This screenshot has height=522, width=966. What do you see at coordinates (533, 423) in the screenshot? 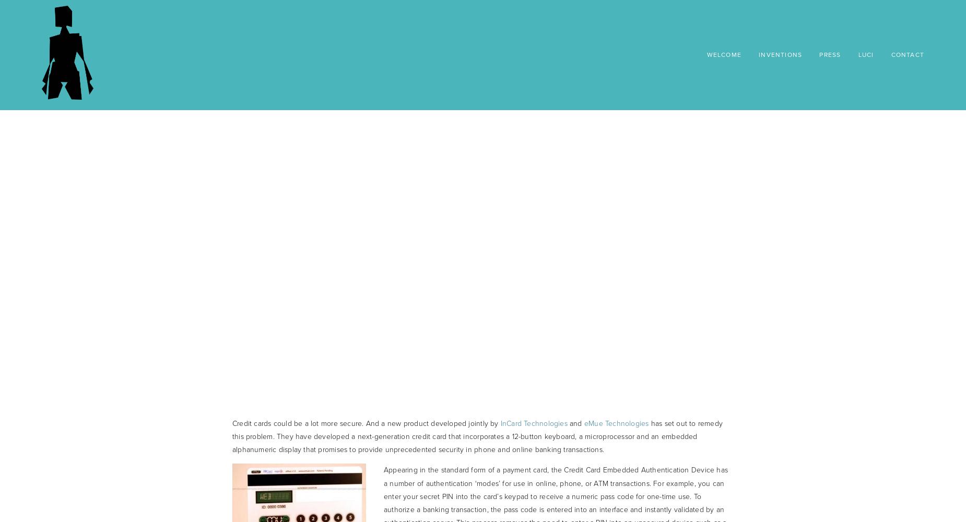
I see `'InCard Technologies'` at bounding box center [533, 423].